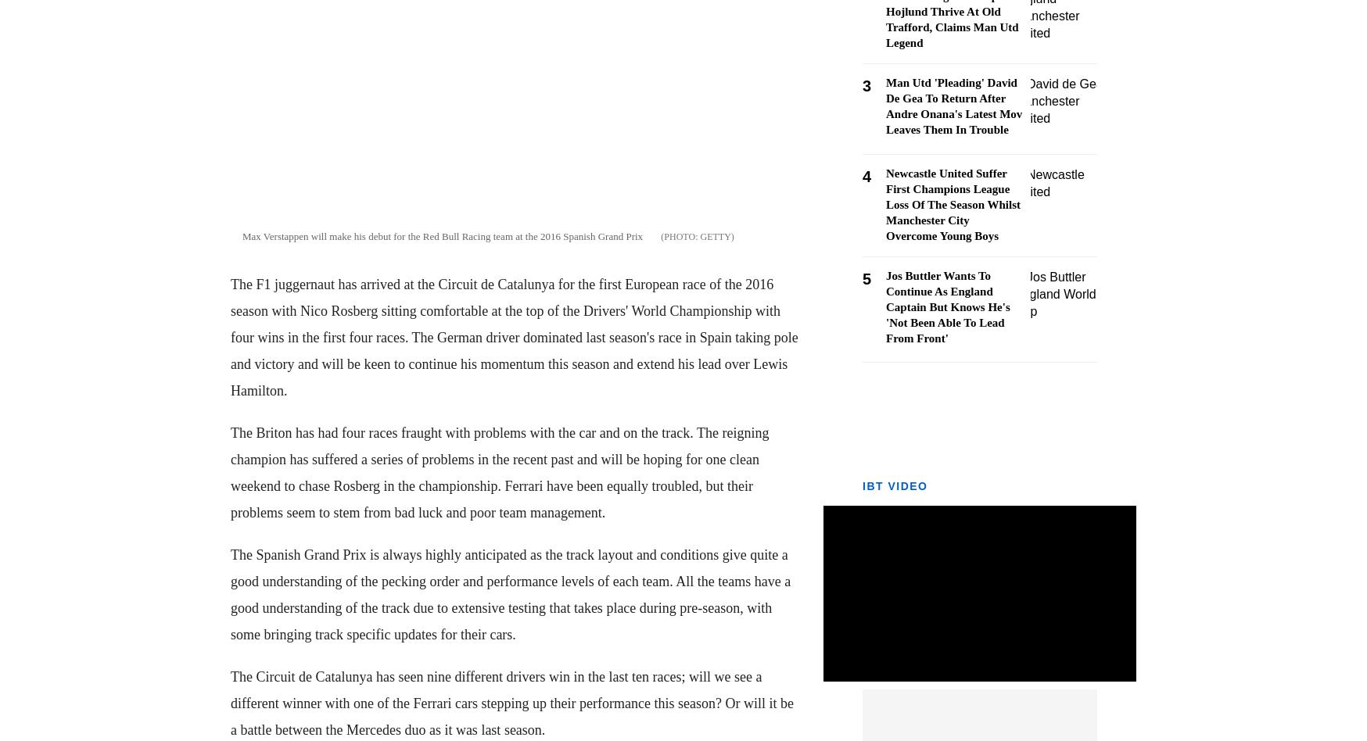 Image resolution: width=1367 pixels, height=741 pixels. What do you see at coordinates (862, 278) in the screenshot?
I see `'5'` at bounding box center [862, 278].